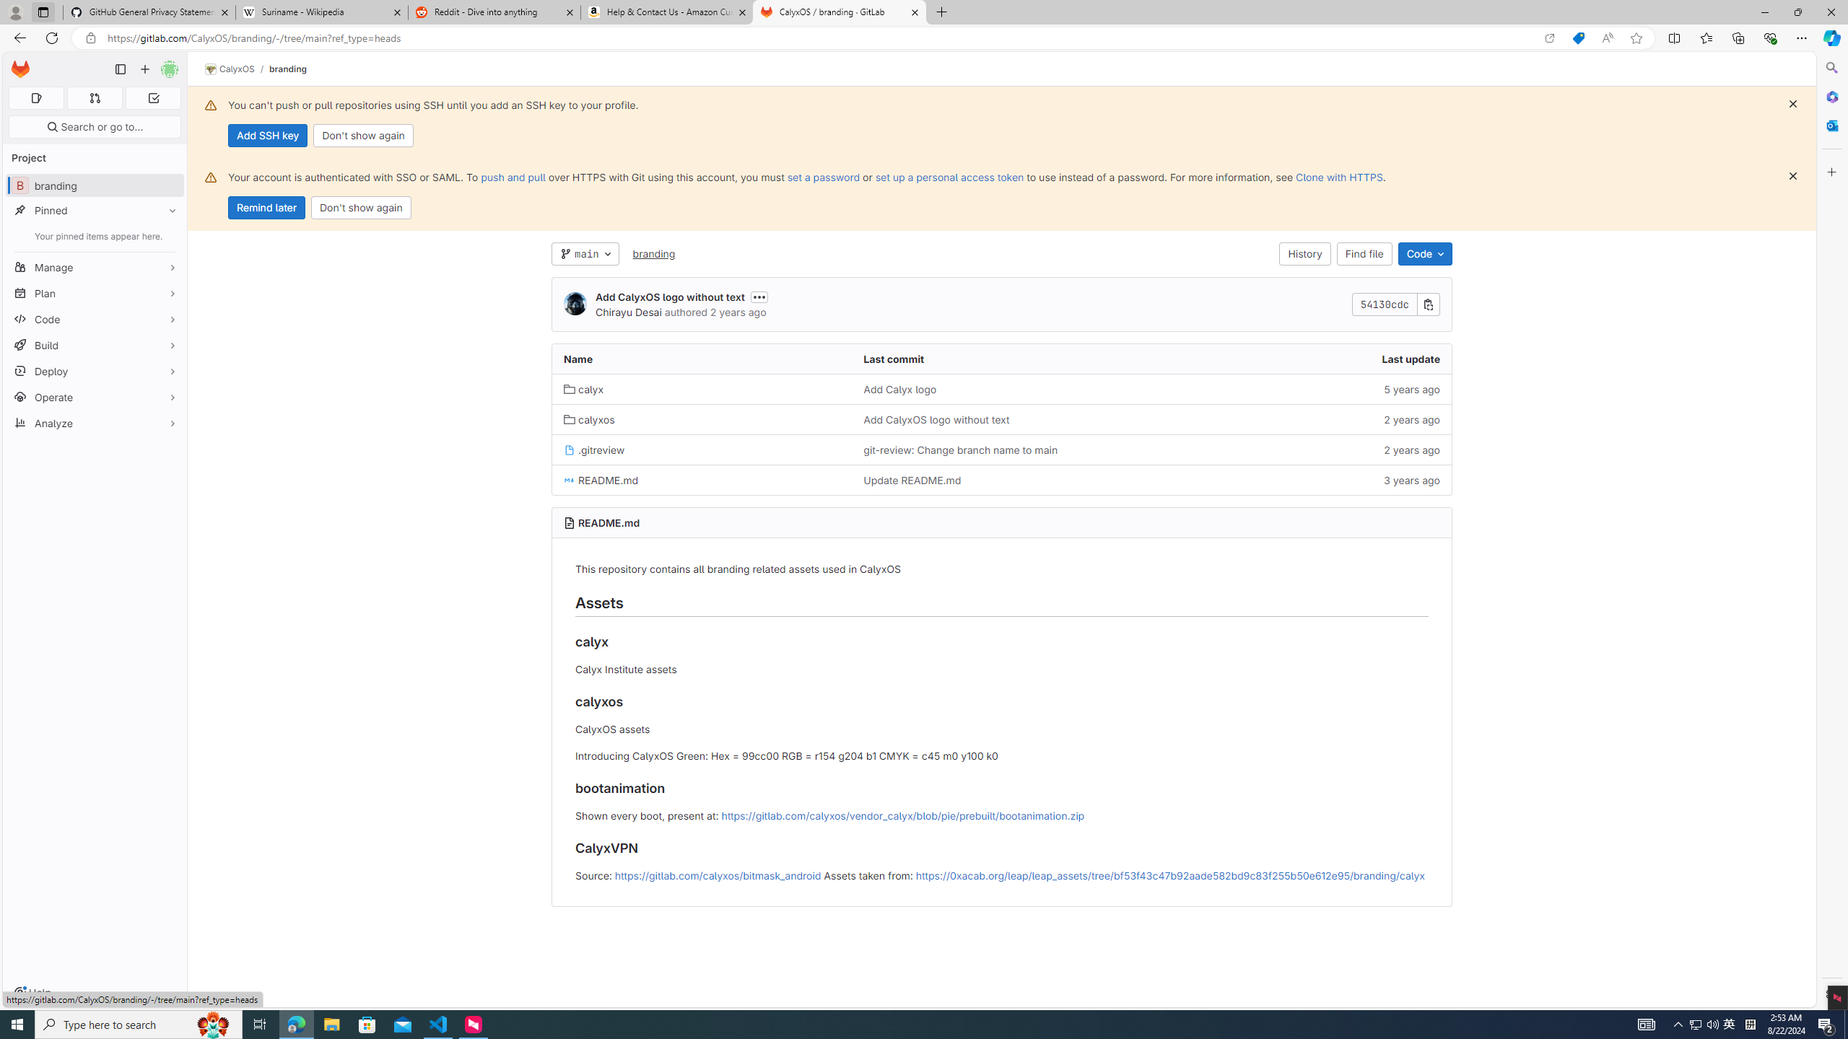 The image size is (1848, 1039). I want to click on 'CalyxOS/', so click(236, 69).